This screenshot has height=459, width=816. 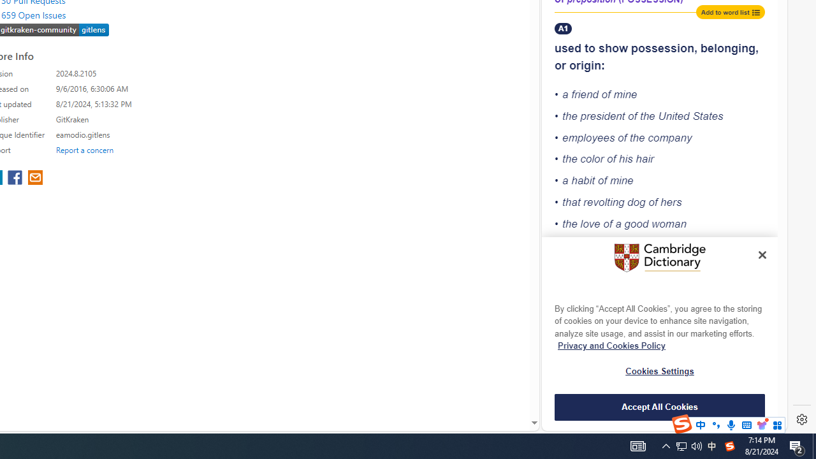 I want to click on 'Report a concern', so click(x=84, y=149).